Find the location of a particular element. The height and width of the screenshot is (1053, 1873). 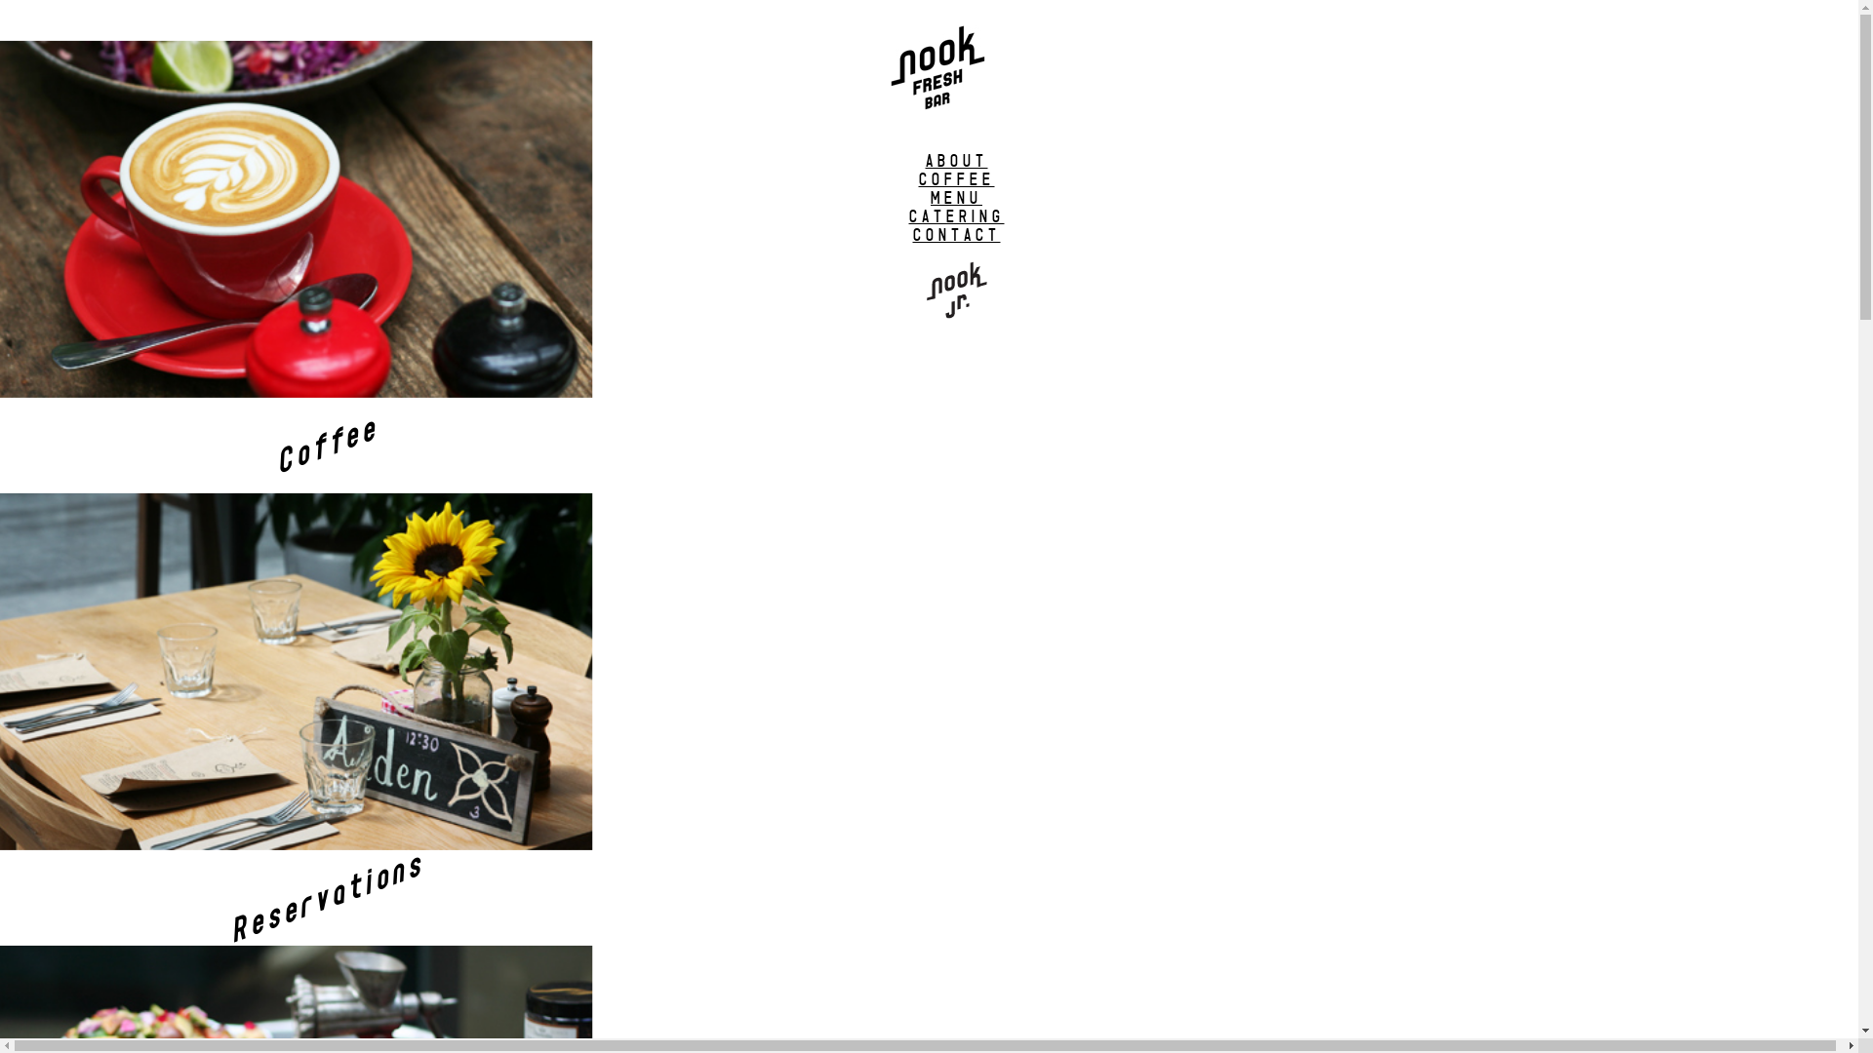

'CONTACT' is located at coordinates (956, 234).